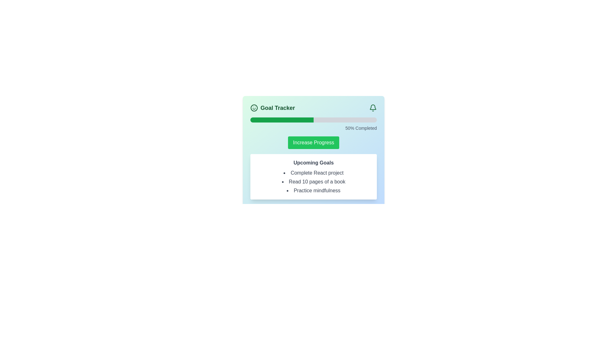 The image size is (607, 341). Describe the element at coordinates (314, 151) in the screenshot. I see `the 'Increase Progress' button on the Goal Tracker card, which features a gradient background and a progress bar marked at 50%` at that location.